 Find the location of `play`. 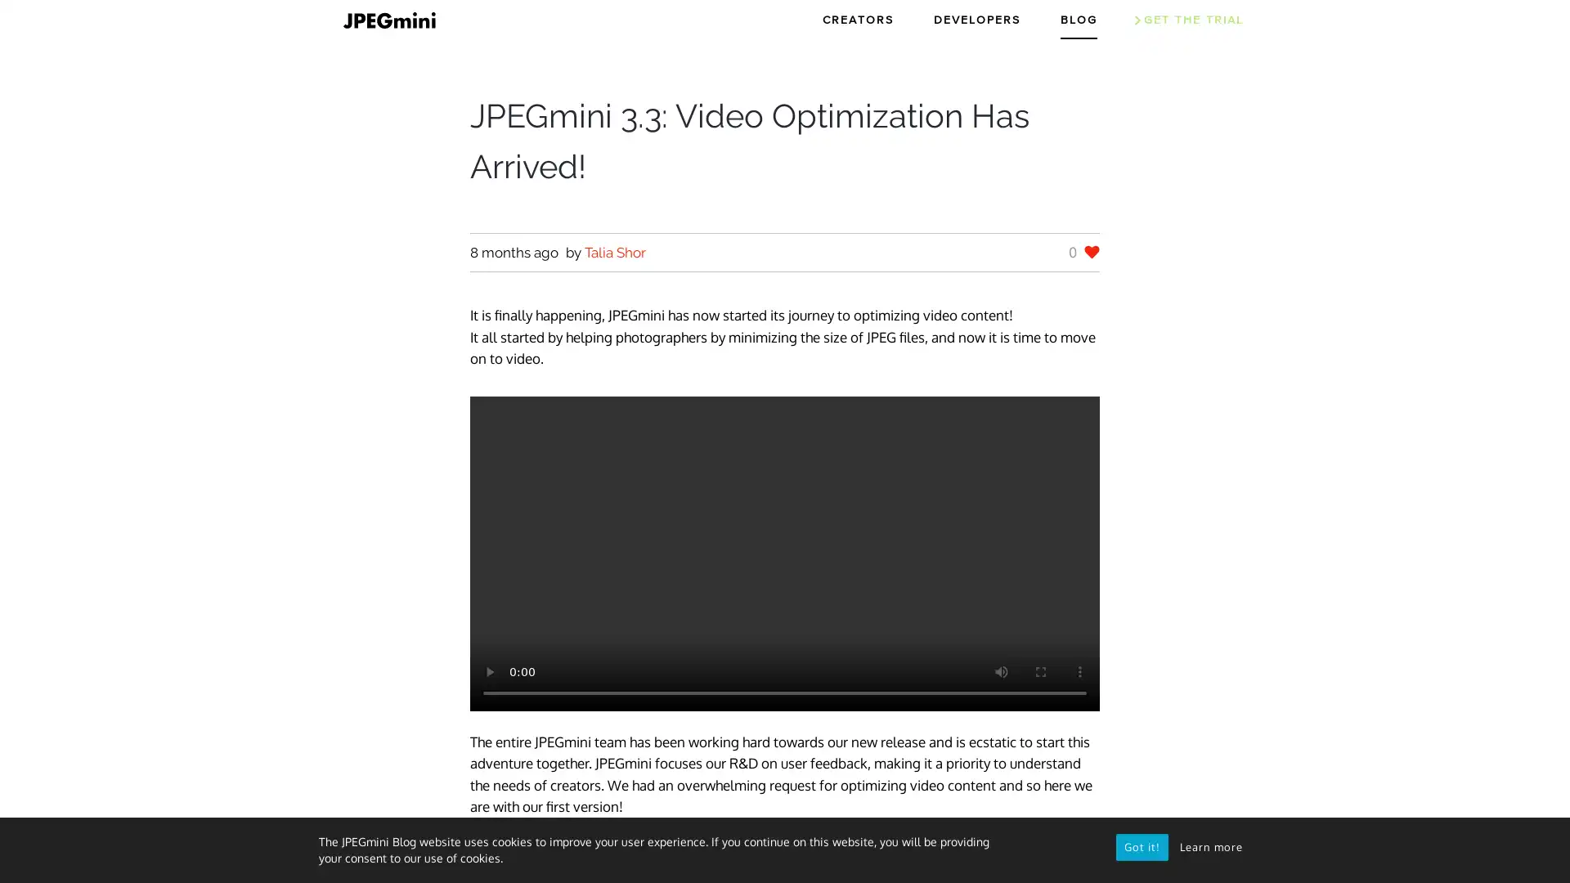

play is located at coordinates (489, 671).